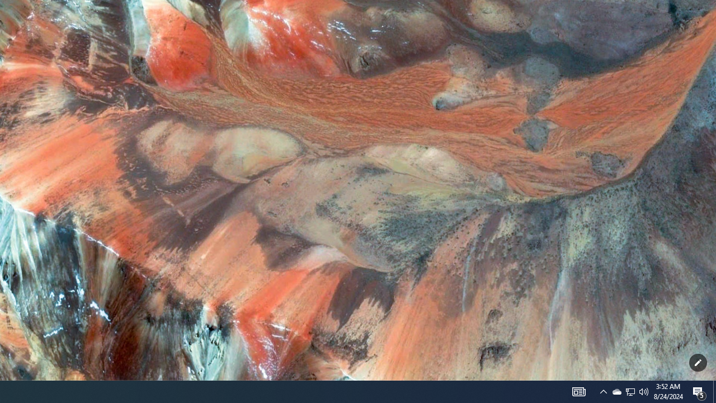  Describe the element at coordinates (698, 363) in the screenshot. I see `'Customize this page'` at that location.